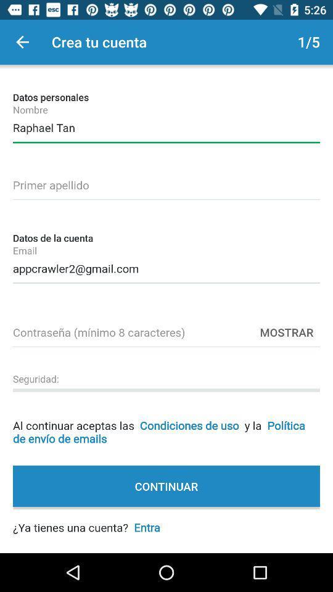 The image size is (333, 592). Describe the element at coordinates (286, 331) in the screenshot. I see `the item below the appcrawler2@gmail.com` at that location.